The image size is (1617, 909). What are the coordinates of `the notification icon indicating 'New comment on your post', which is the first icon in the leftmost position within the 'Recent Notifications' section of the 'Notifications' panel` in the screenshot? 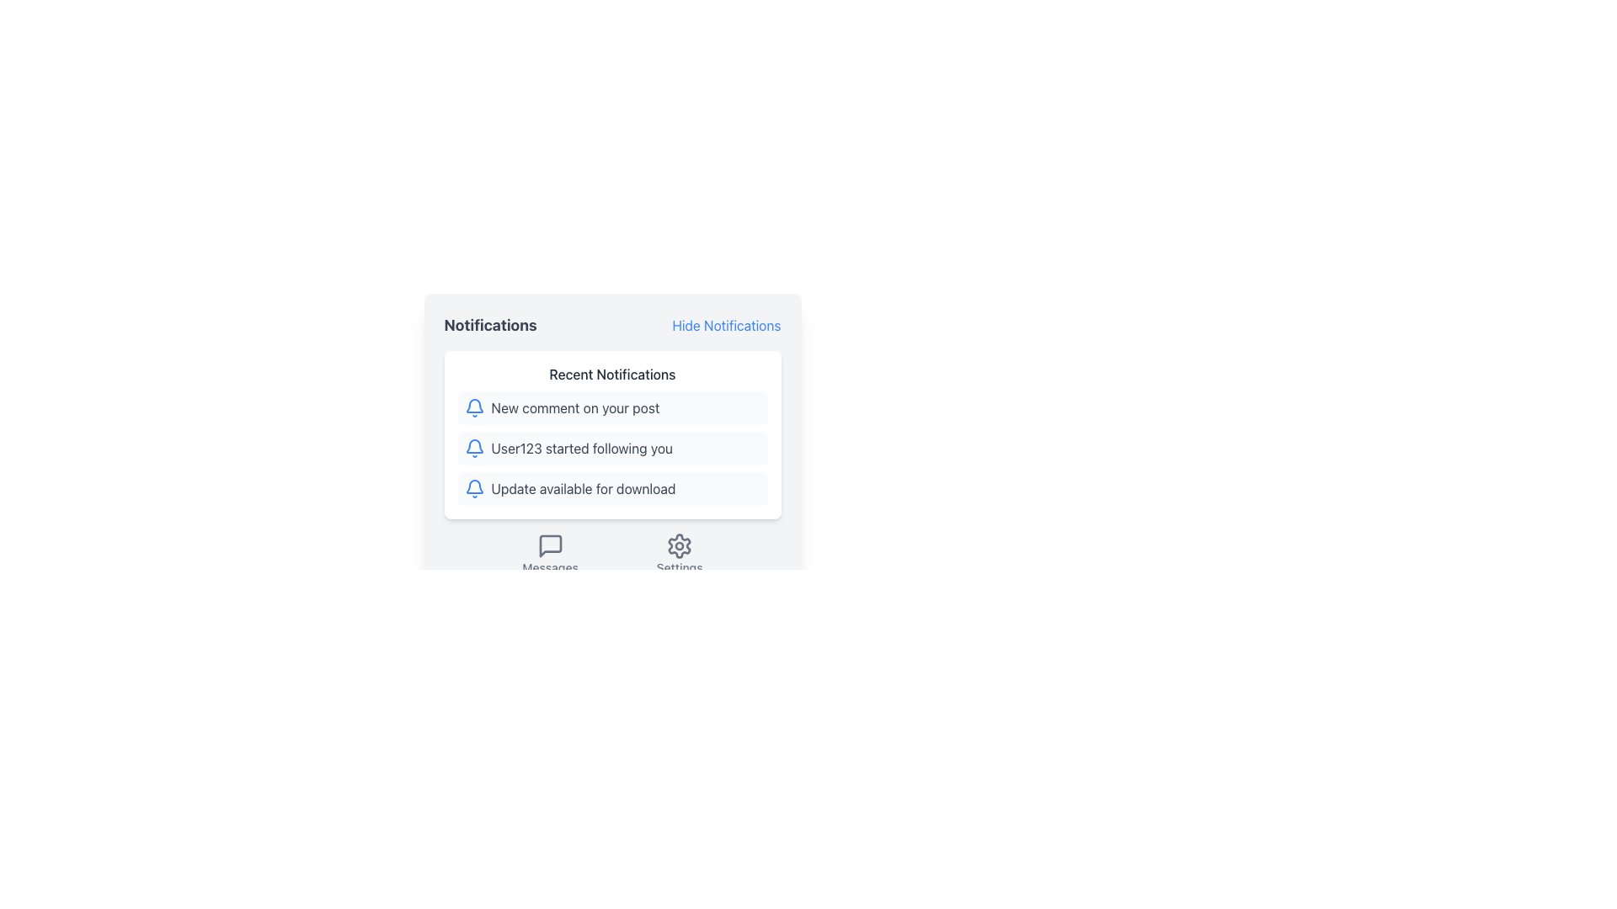 It's located at (473, 408).